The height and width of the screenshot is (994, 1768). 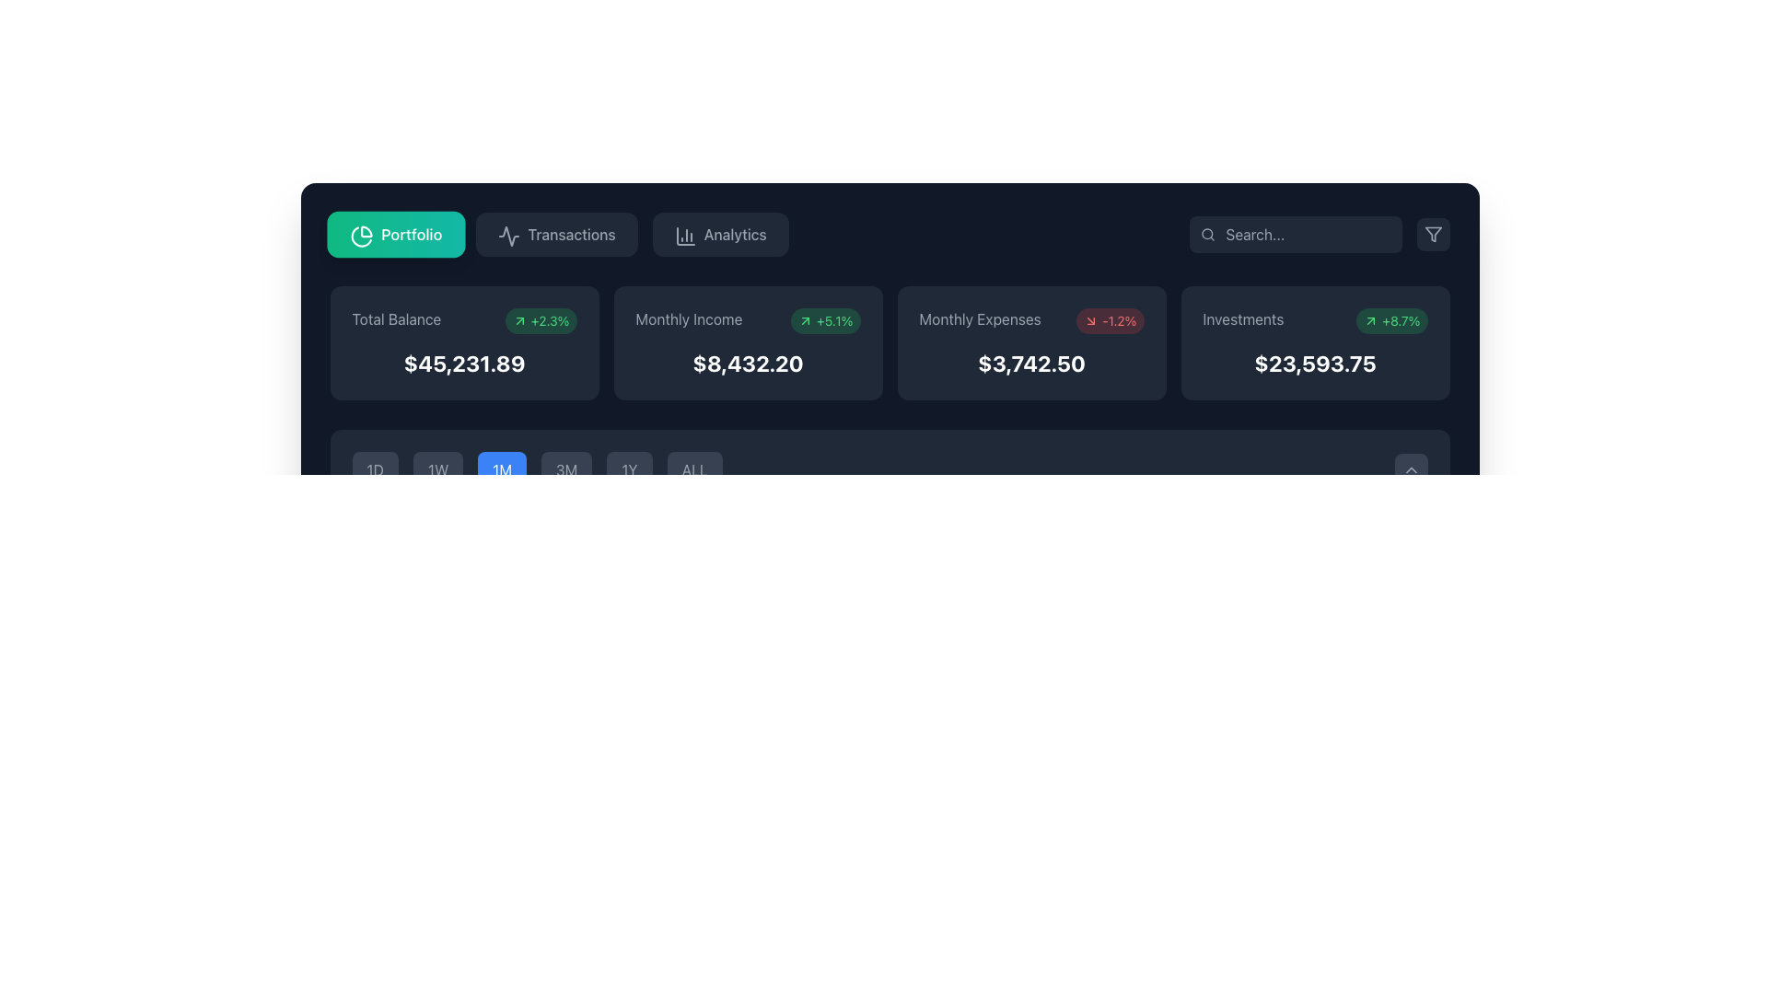 What do you see at coordinates (1371, 319) in the screenshot?
I see `the small SVG icon representing an upward-right arrow with a green outline located in the top-right section of the dashboard within the 'Investments' card` at bounding box center [1371, 319].